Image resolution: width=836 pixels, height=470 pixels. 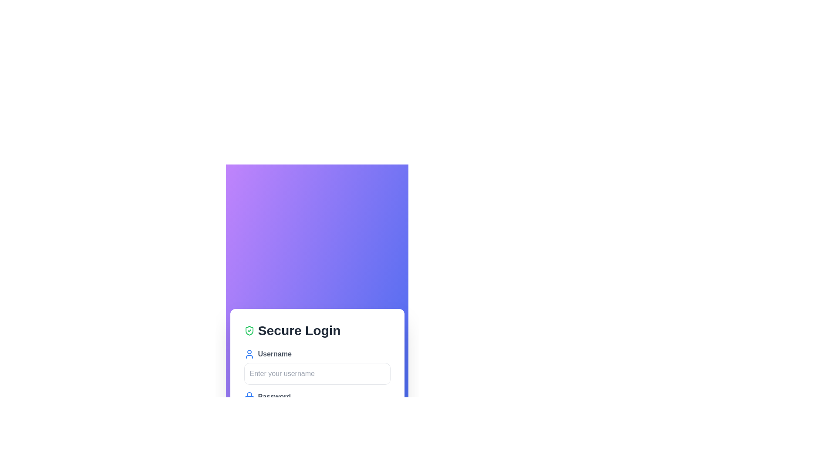 What do you see at coordinates (249, 330) in the screenshot?
I see `the security icon located at the top left corner of the login frame, adjacent to the 'Secure Login' text heading for visual confirmation` at bounding box center [249, 330].